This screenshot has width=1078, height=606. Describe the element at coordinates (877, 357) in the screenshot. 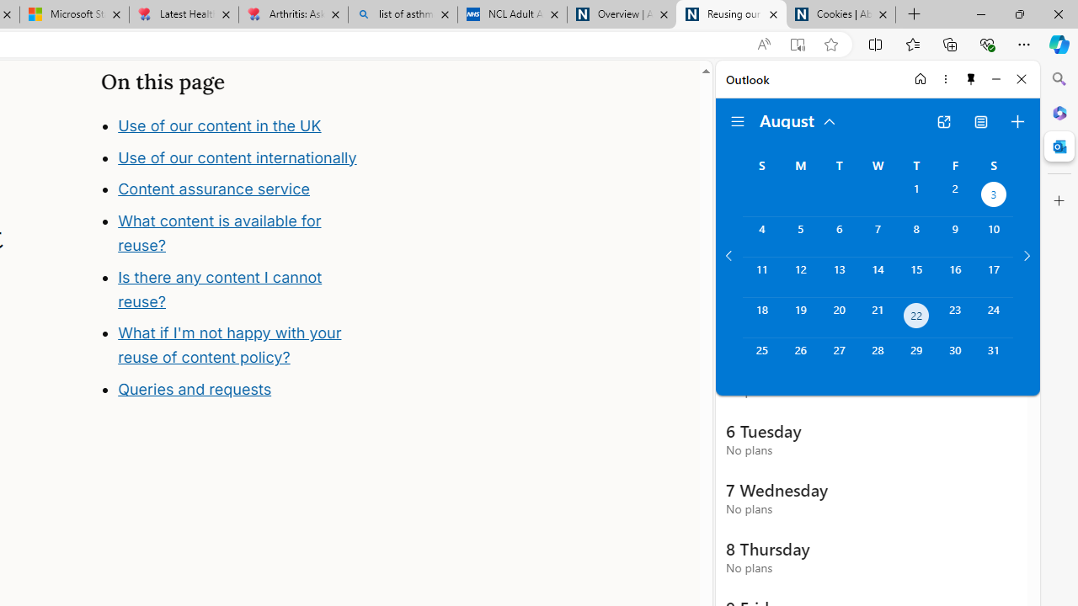

I see `'Wednesday, August 28, 2024. '` at that location.